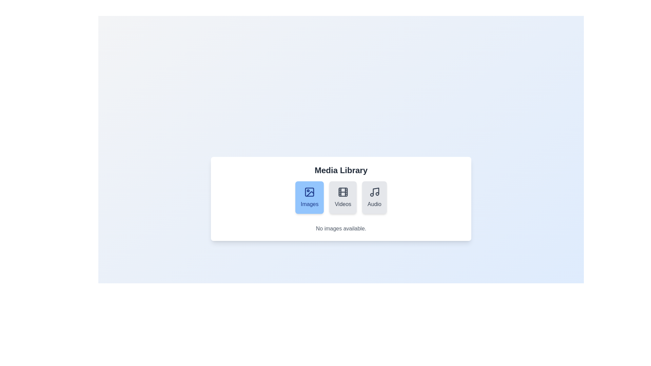 The height and width of the screenshot is (366, 651). What do you see at coordinates (343, 197) in the screenshot?
I see `'Videos' button to view video-related content` at bounding box center [343, 197].